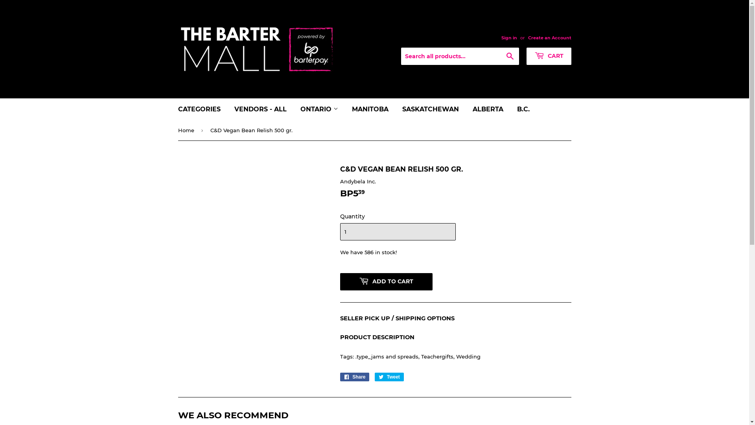 This screenshot has height=425, width=755. Describe the element at coordinates (523, 109) in the screenshot. I see `'B.C.'` at that location.